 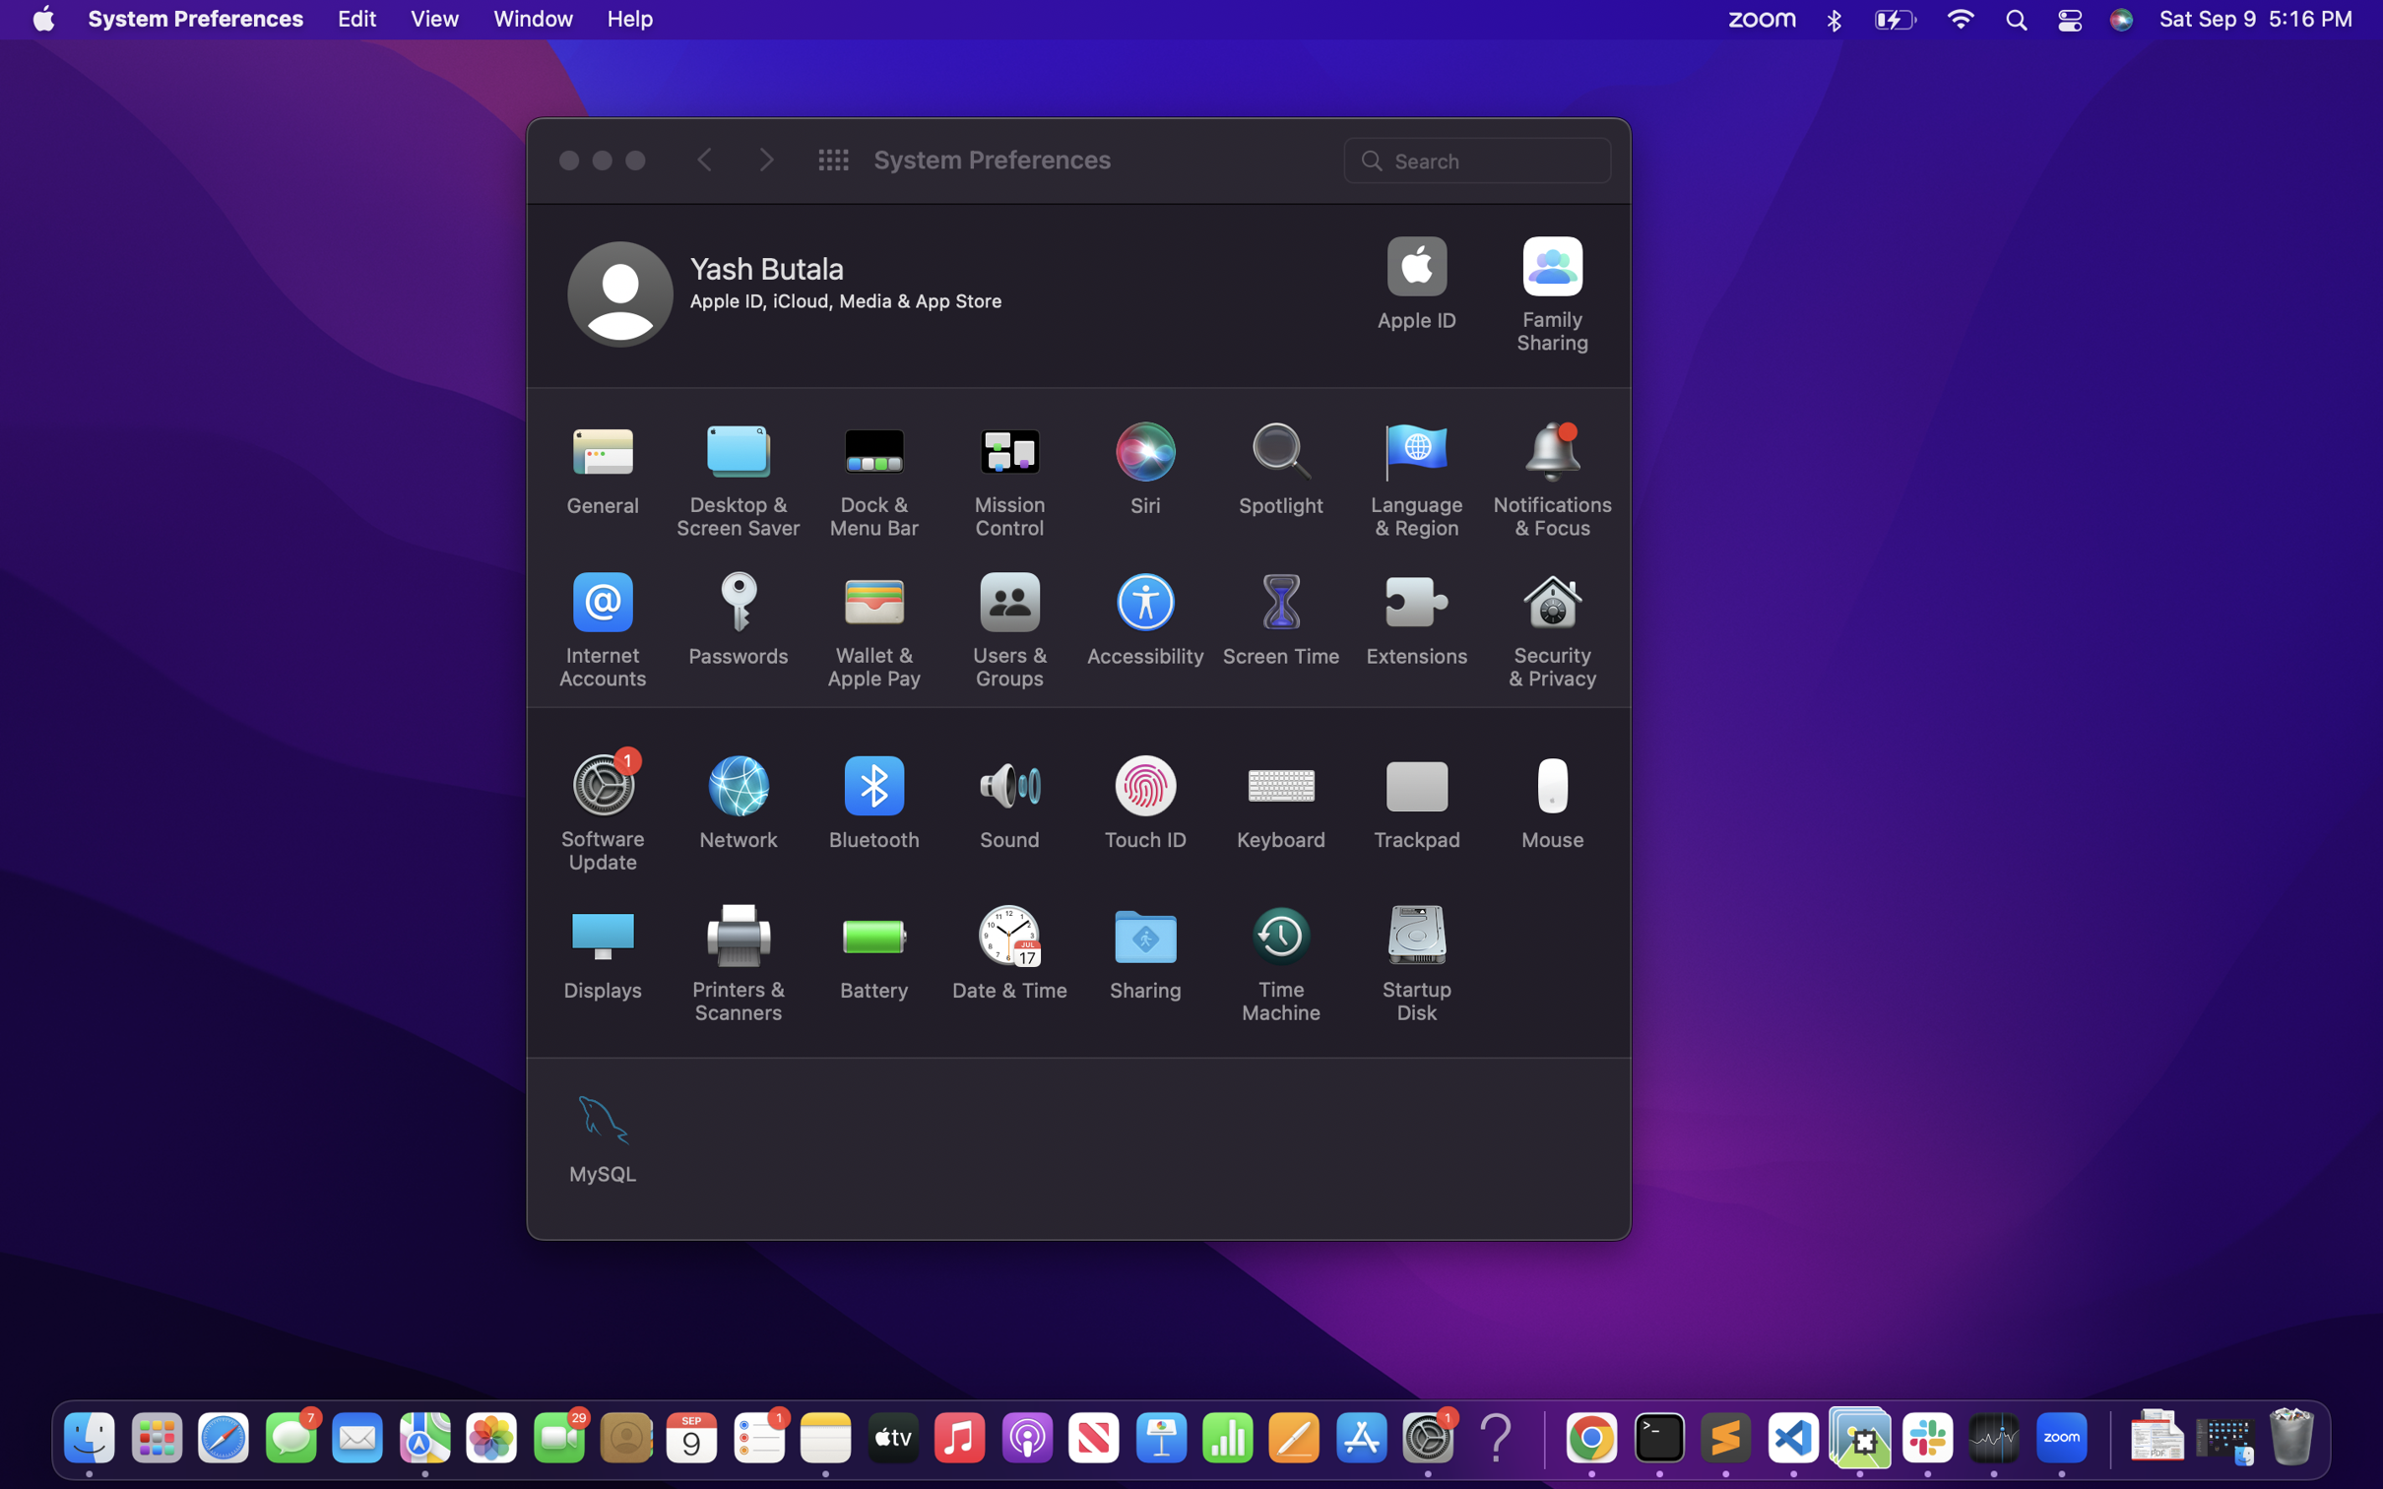 I want to click on desktop and screen saver settings option on the screen, so click(x=739, y=480).